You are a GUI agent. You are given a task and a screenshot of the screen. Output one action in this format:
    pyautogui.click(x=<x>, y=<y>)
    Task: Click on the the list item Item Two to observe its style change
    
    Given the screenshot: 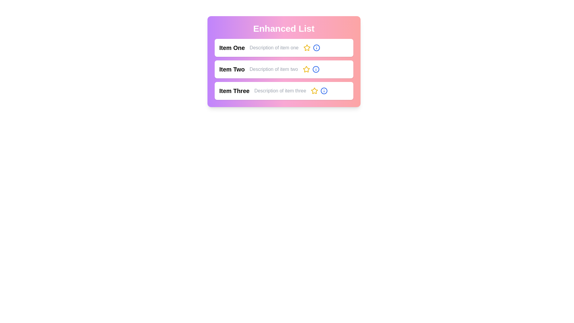 What is the action you would take?
    pyautogui.click(x=283, y=69)
    